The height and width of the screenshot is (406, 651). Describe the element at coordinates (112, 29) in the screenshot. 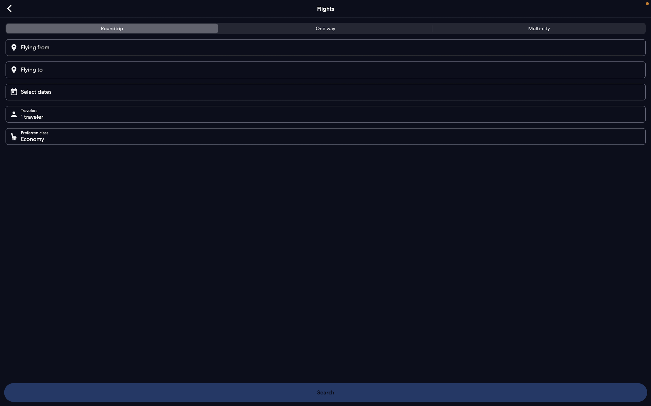

I see `Opt for roundtrip flight arrangement` at that location.